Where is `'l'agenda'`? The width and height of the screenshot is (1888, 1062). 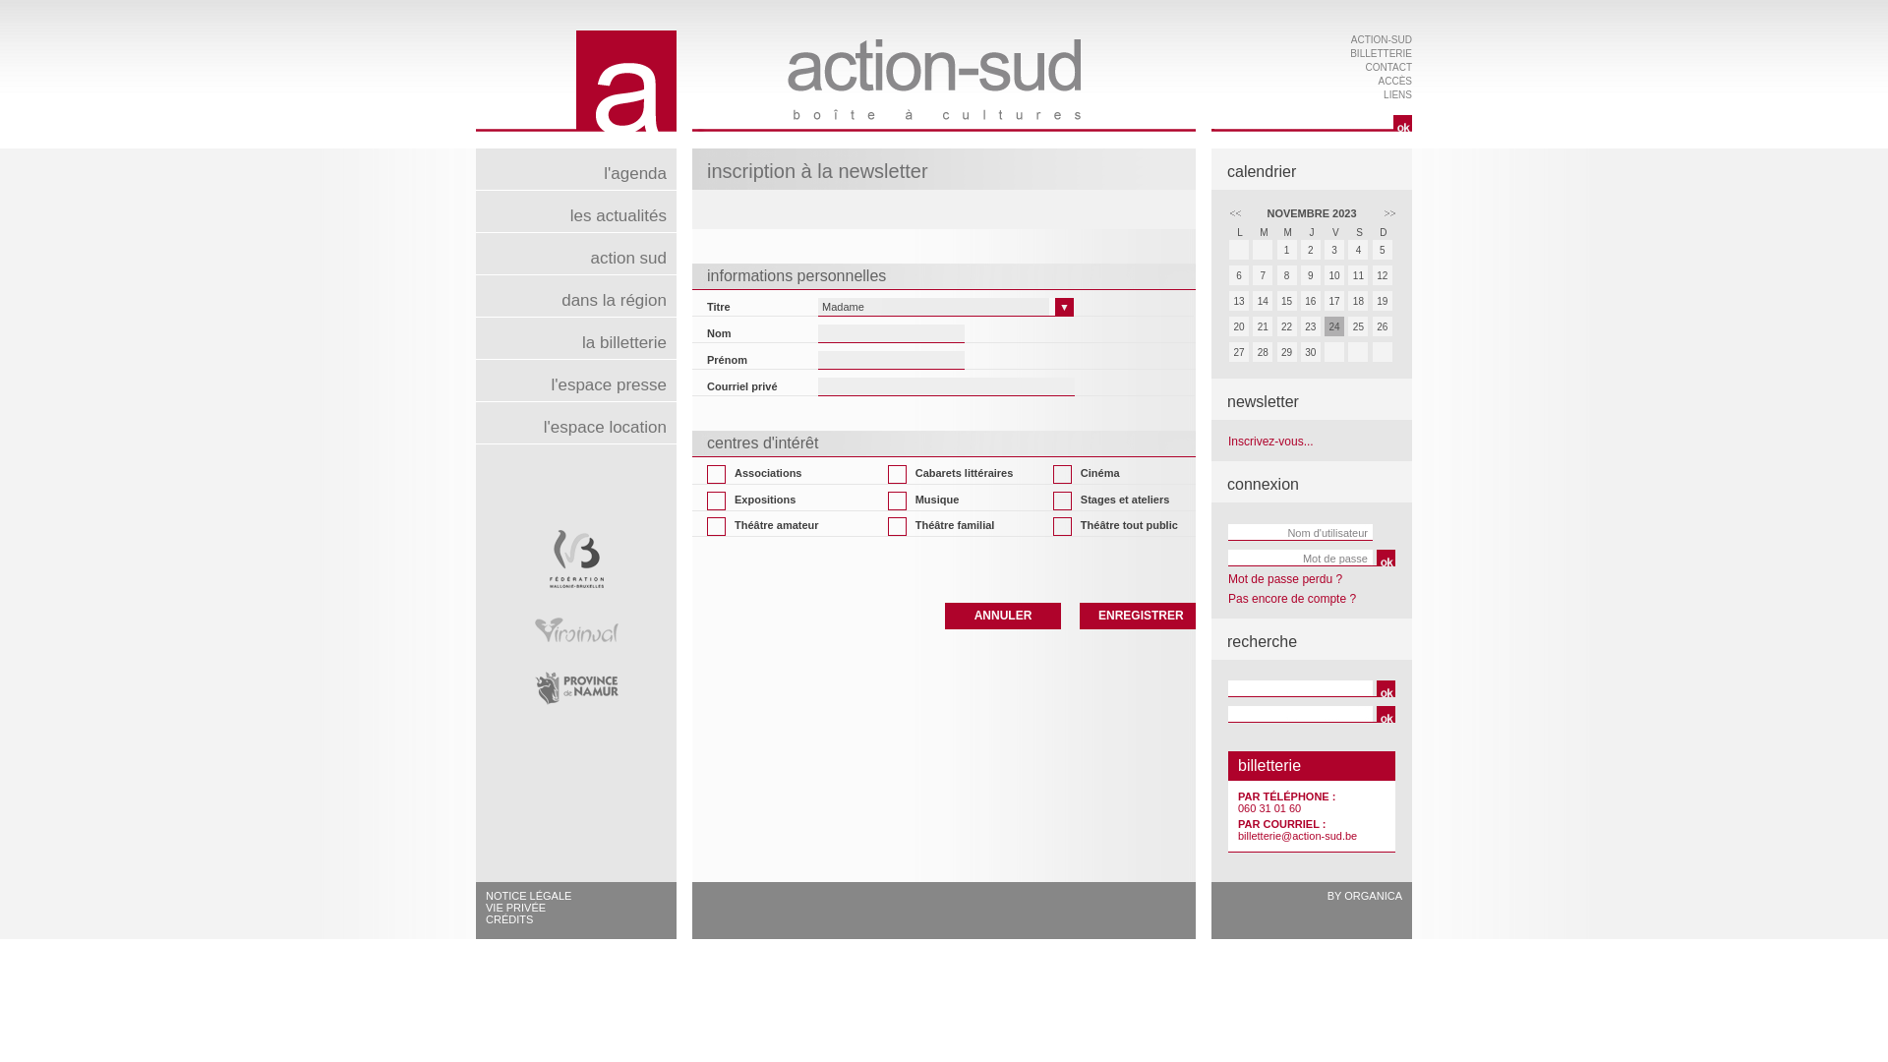
'l'agenda' is located at coordinates (574, 168).